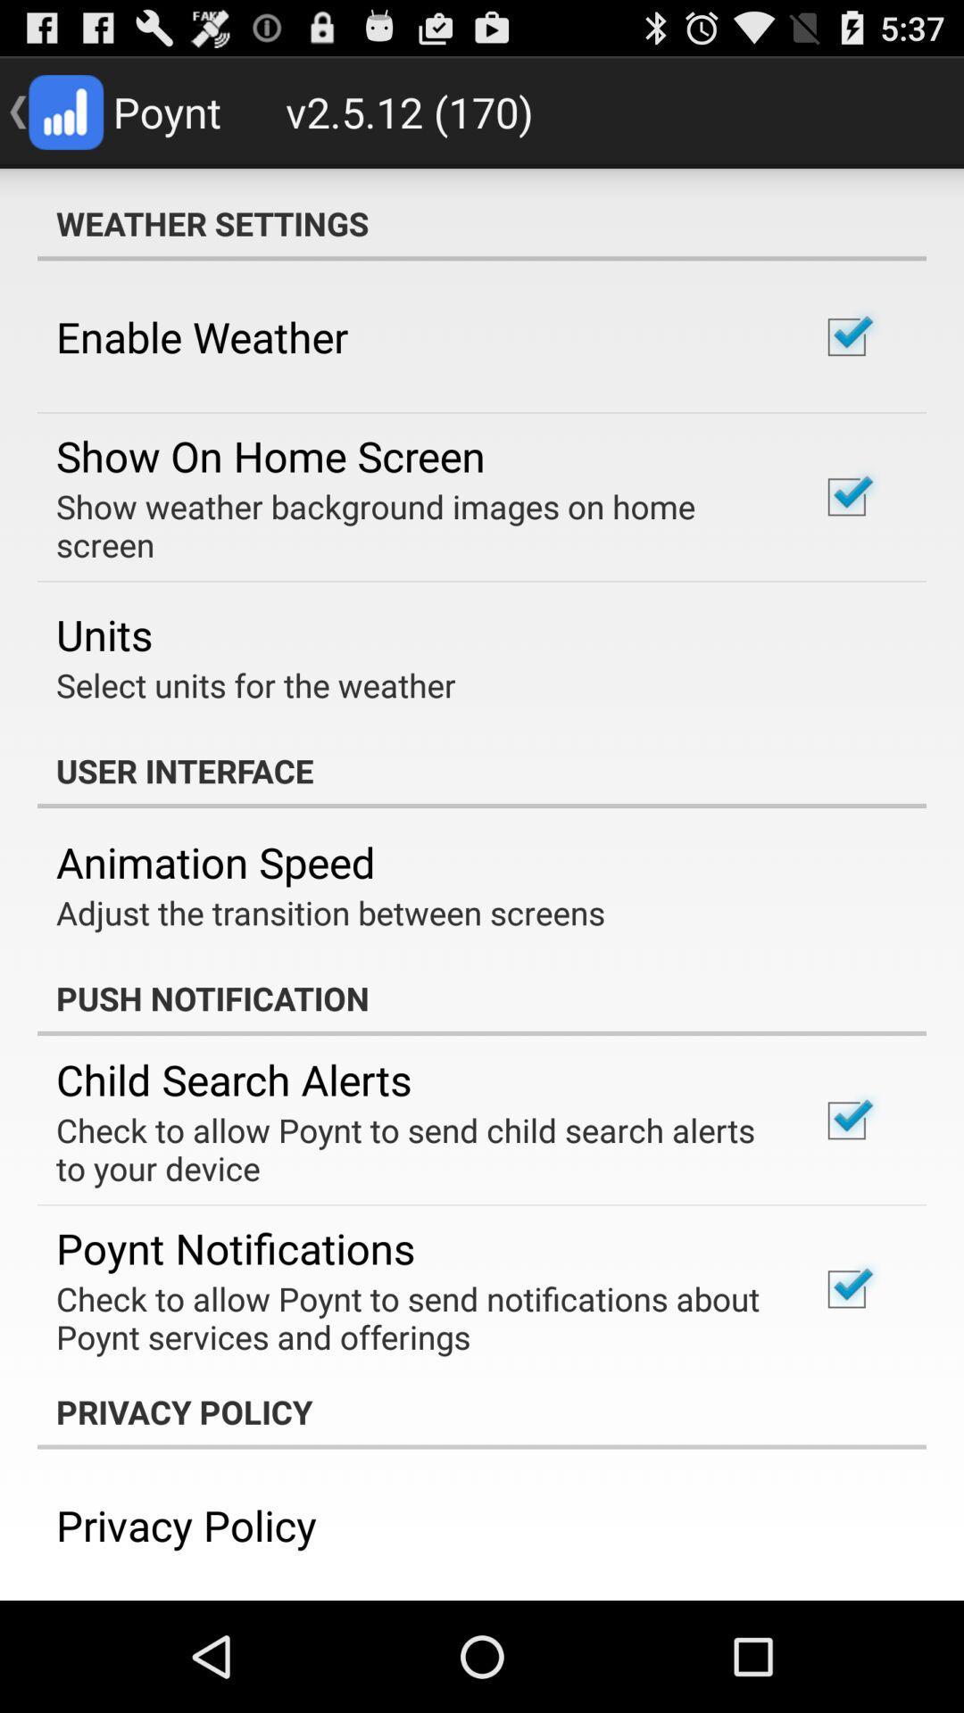 Image resolution: width=964 pixels, height=1713 pixels. Describe the element at coordinates (413, 525) in the screenshot. I see `the app above units` at that location.